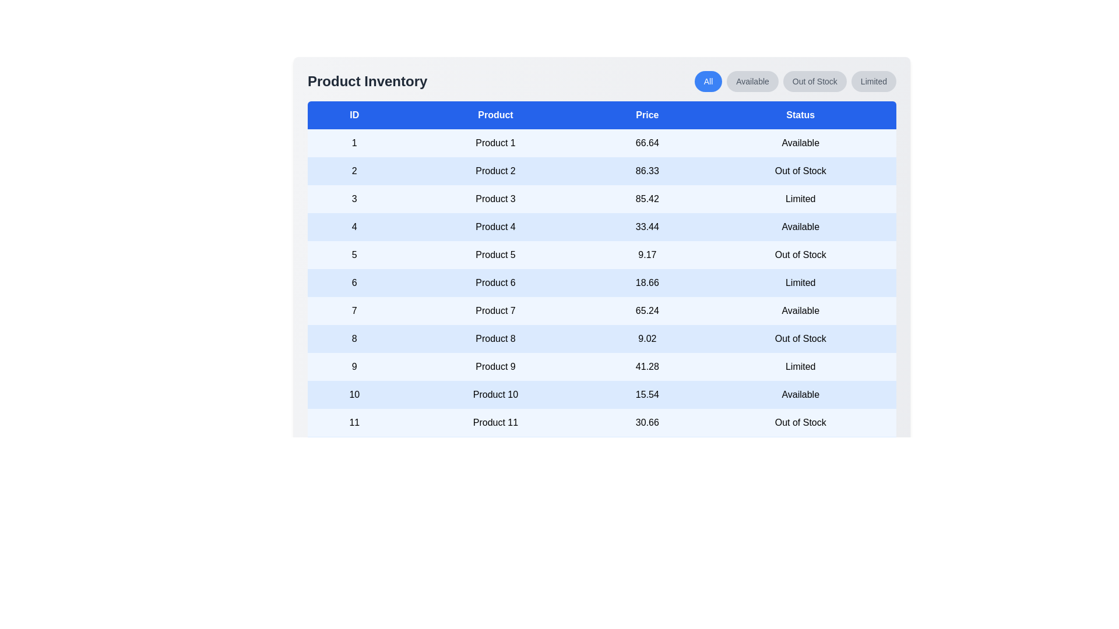  What do you see at coordinates (752, 80) in the screenshot?
I see `the filter button labeled 'Available' to filter the table` at bounding box center [752, 80].